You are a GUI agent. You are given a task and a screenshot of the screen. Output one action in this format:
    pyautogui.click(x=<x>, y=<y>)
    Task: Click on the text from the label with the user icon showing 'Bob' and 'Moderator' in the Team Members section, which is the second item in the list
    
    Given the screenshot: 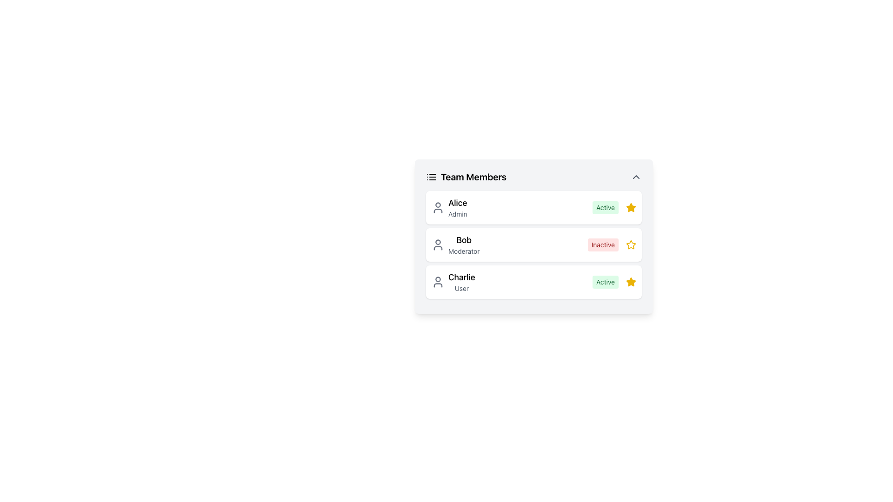 What is the action you would take?
    pyautogui.click(x=455, y=244)
    